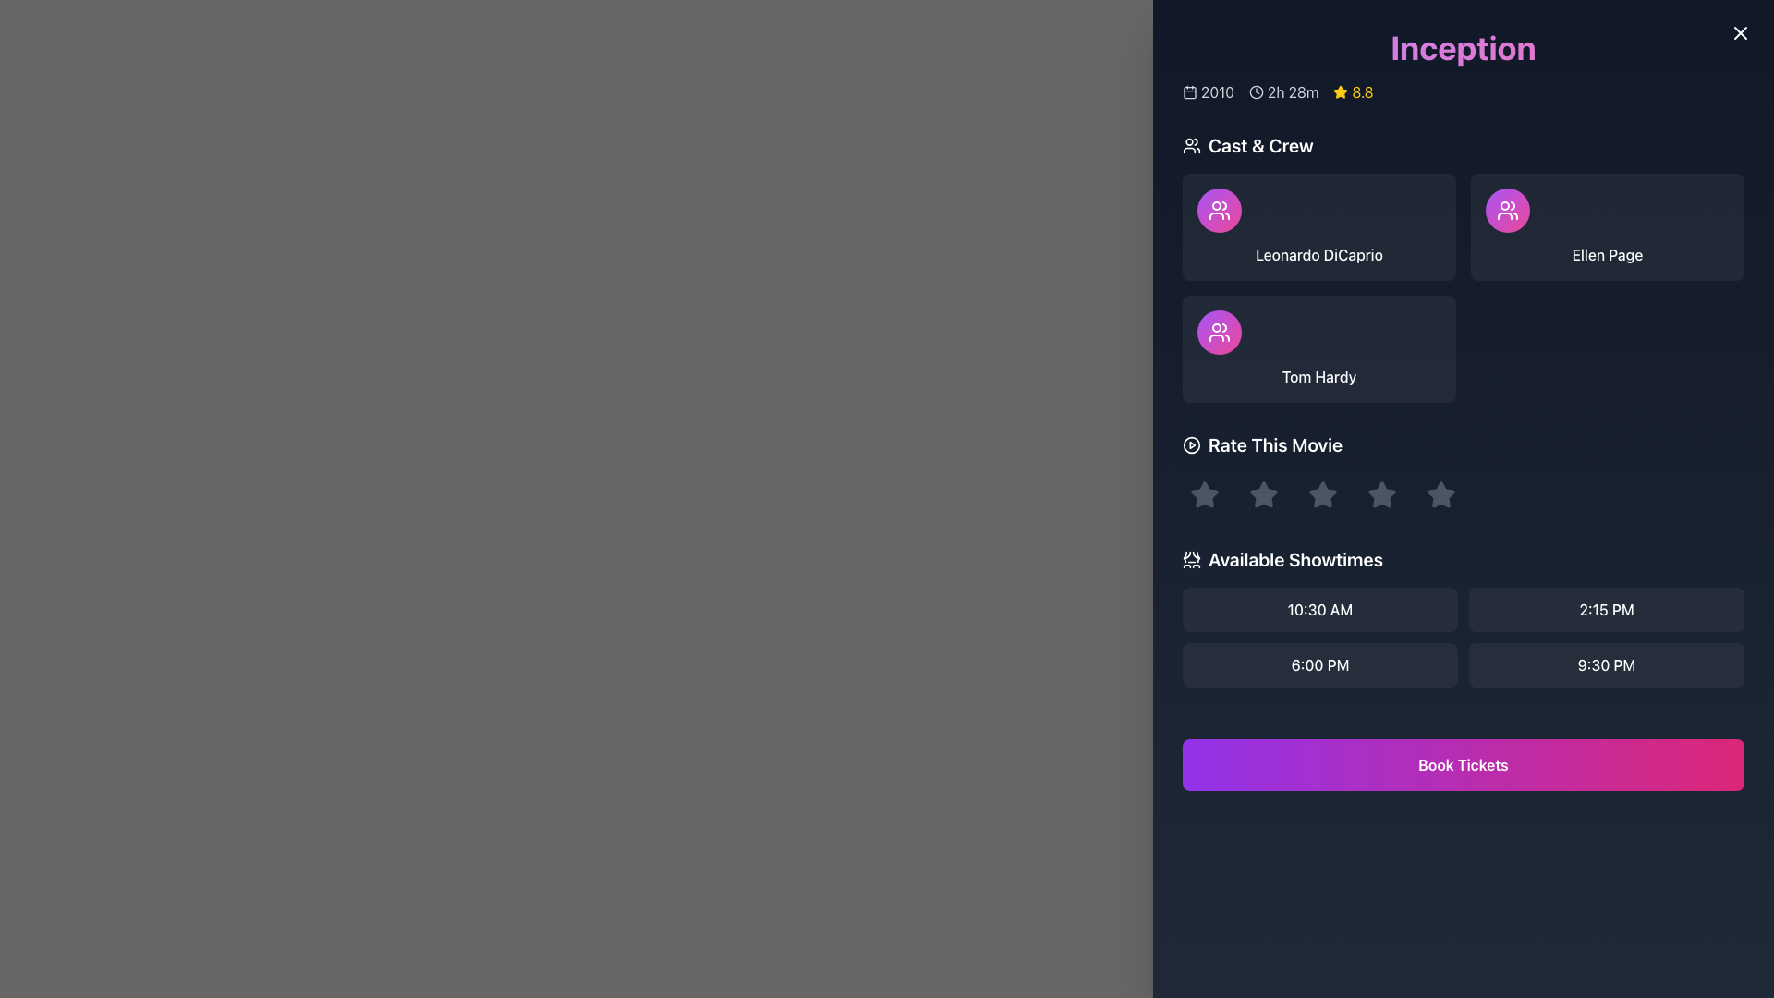 This screenshot has height=998, width=1774. I want to click on the small calendar icon styled with the 'lucide' class, located to the left of the text '2010', so click(1189, 92).